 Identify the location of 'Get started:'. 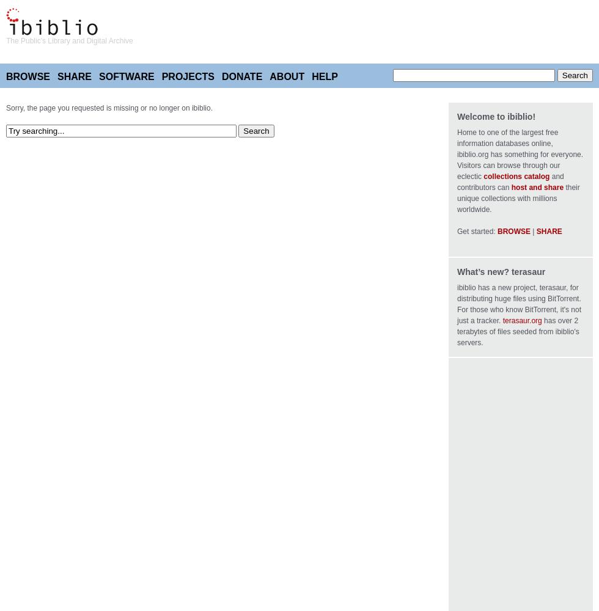
(477, 232).